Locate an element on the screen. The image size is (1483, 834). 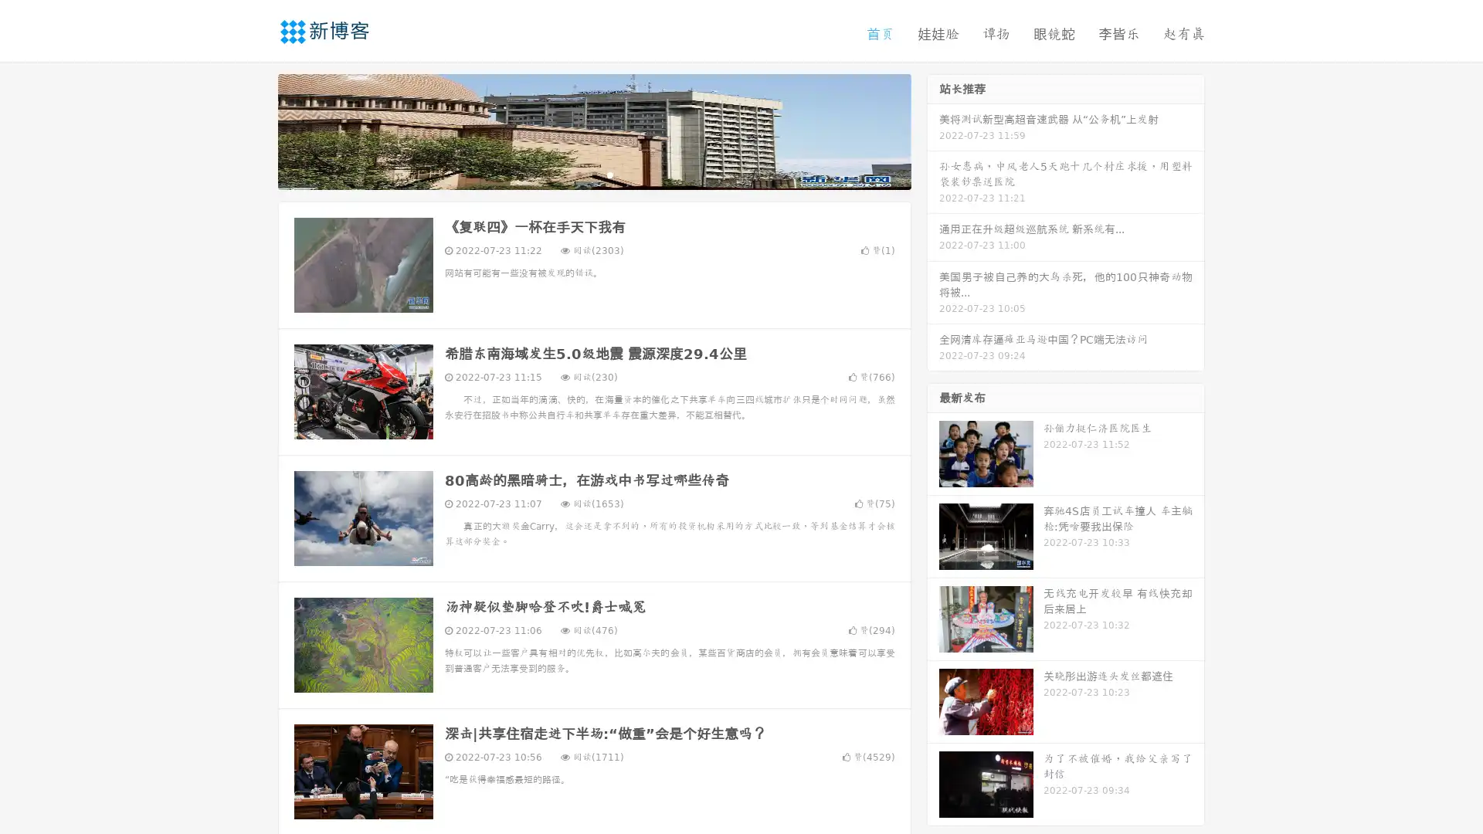
Previous slide is located at coordinates (255, 130).